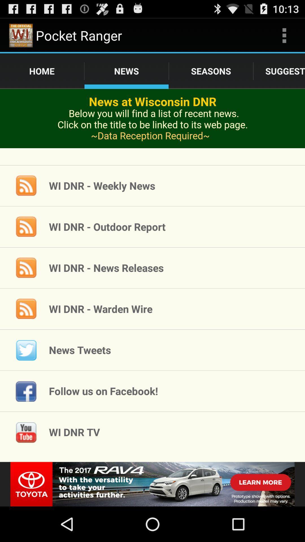 Image resolution: width=305 pixels, height=542 pixels. What do you see at coordinates (152, 127) in the screenshot?
I see `advertisement page` at bounding box center [152, 127].